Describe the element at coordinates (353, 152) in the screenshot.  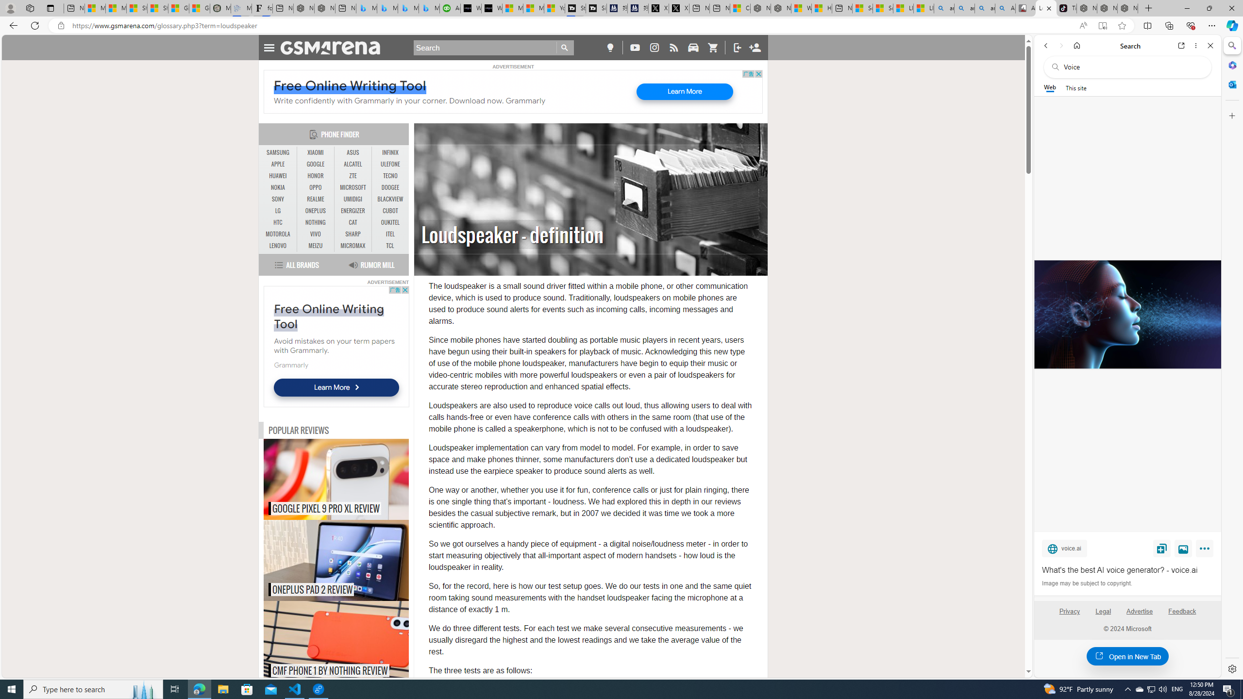
I see `'ASUS'` at that location.